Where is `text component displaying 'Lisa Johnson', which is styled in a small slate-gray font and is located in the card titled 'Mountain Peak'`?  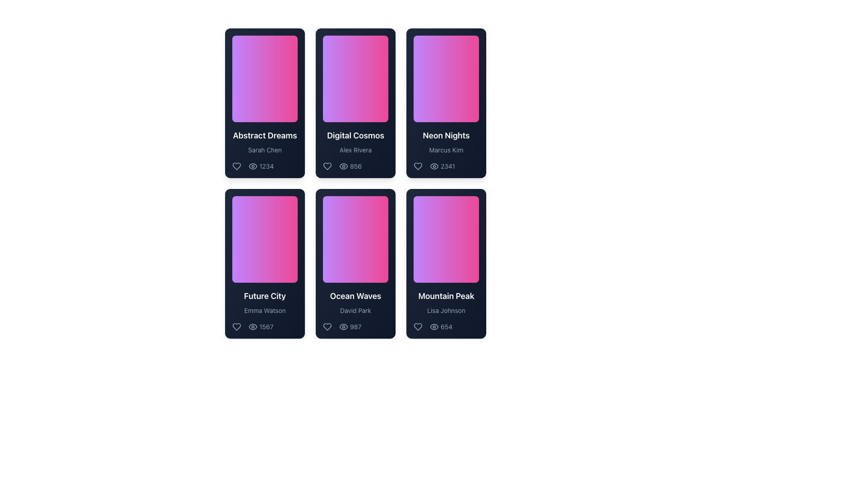 text component displaying 'Lisa Johnson', which is styled in a small slate-gray font and is located in the card titled 'Mountain Peak' is located at coordinates (446, 310).